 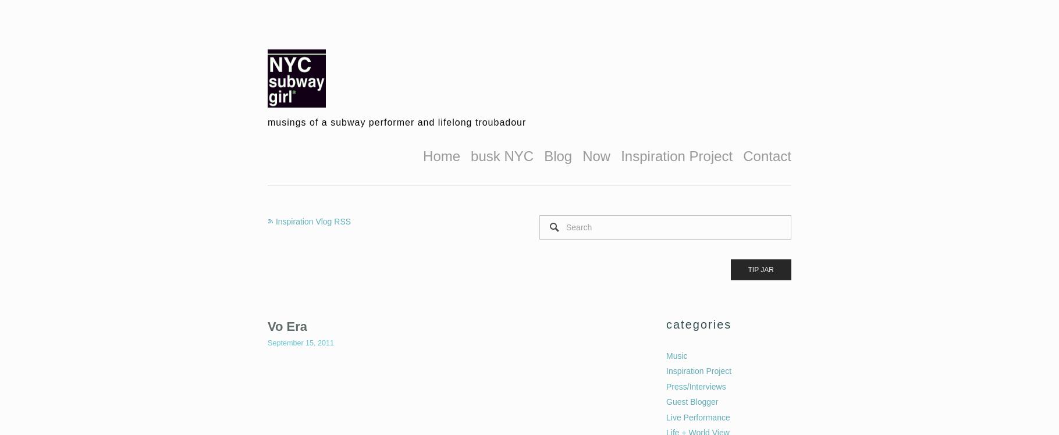 What do you see at coordinates (666, 386) in the screenshot?
I see `'Press/Interviews'` at bounding box center [666, 386].